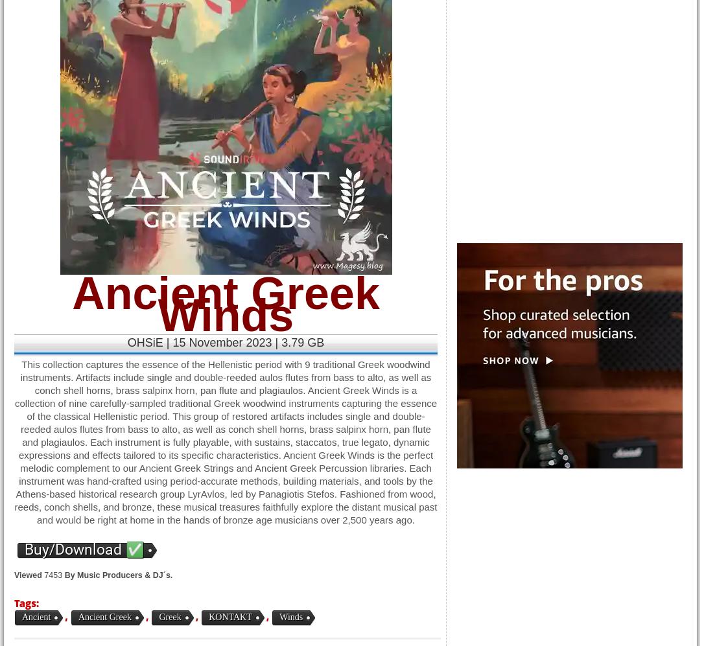 The image size is (717, 646). I want to click on 'KONTAKT', so click(230, 617).